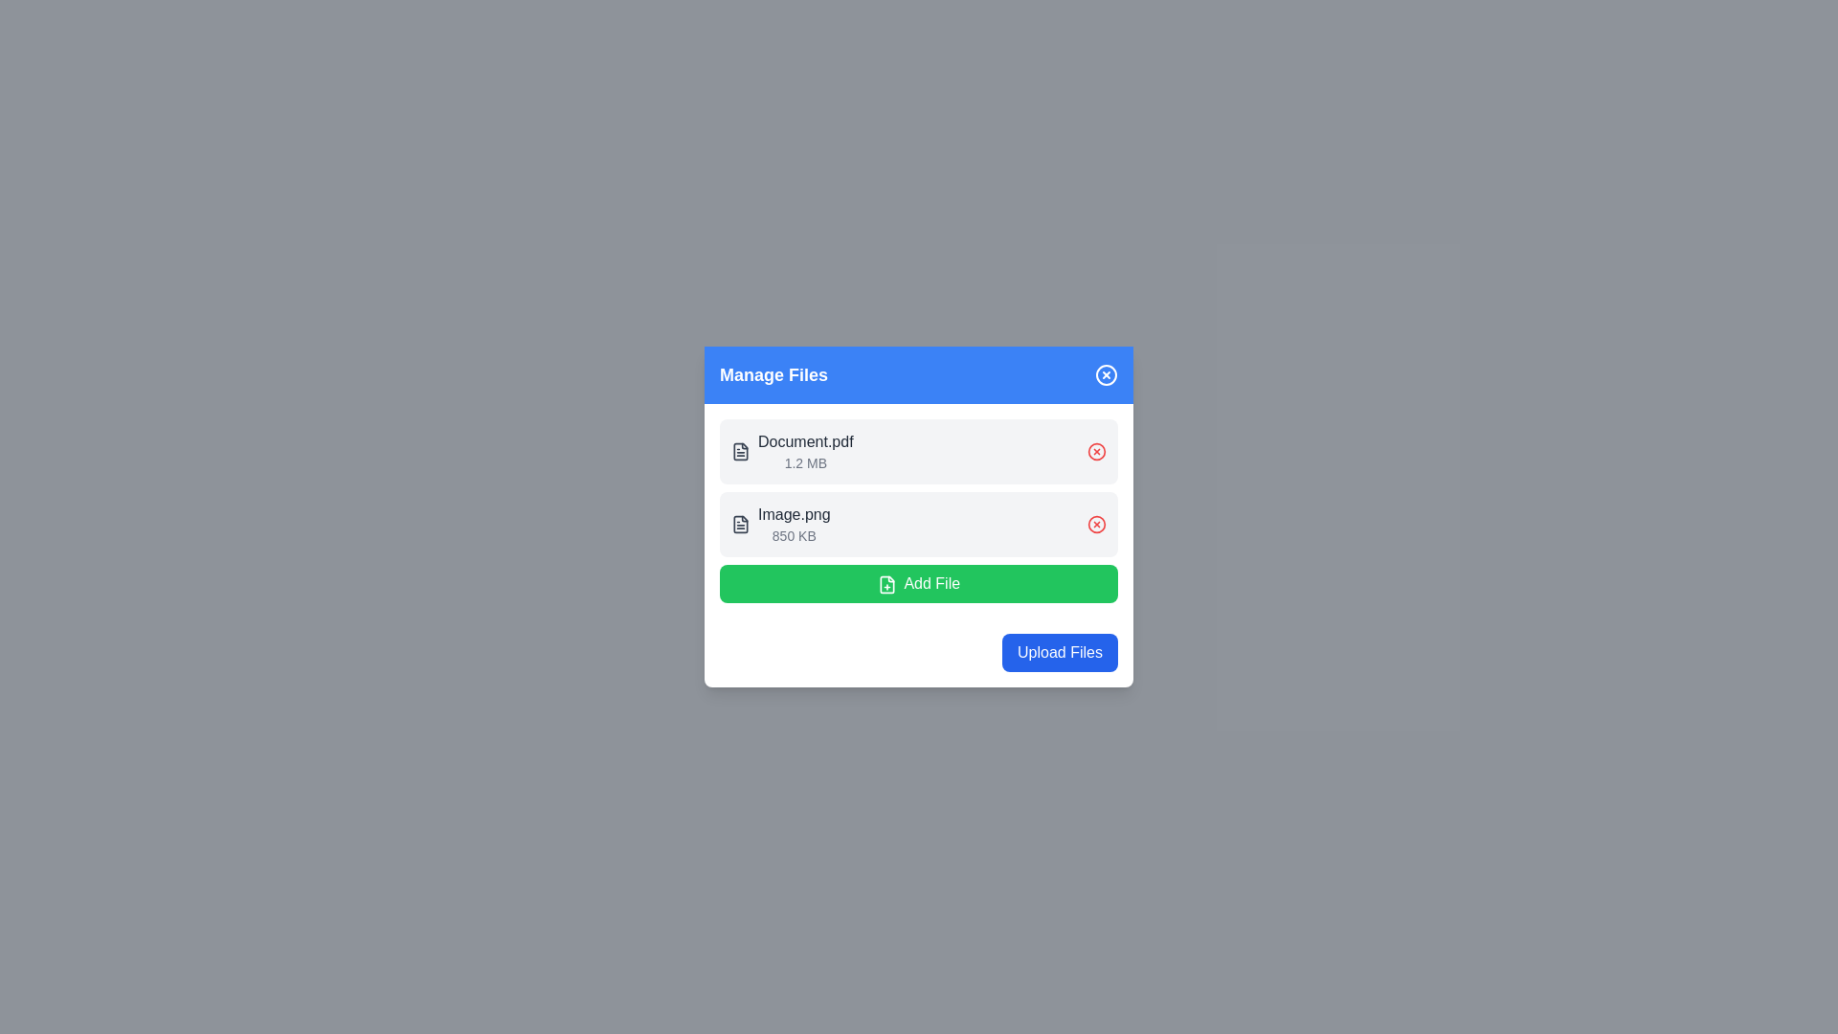 This screenshot has width=1838, height=1034. I want to click on the file type icon representing a textual document located at the left of the second row in the file list, next to 'Image.png' and '850 KB', so click(739, 524).